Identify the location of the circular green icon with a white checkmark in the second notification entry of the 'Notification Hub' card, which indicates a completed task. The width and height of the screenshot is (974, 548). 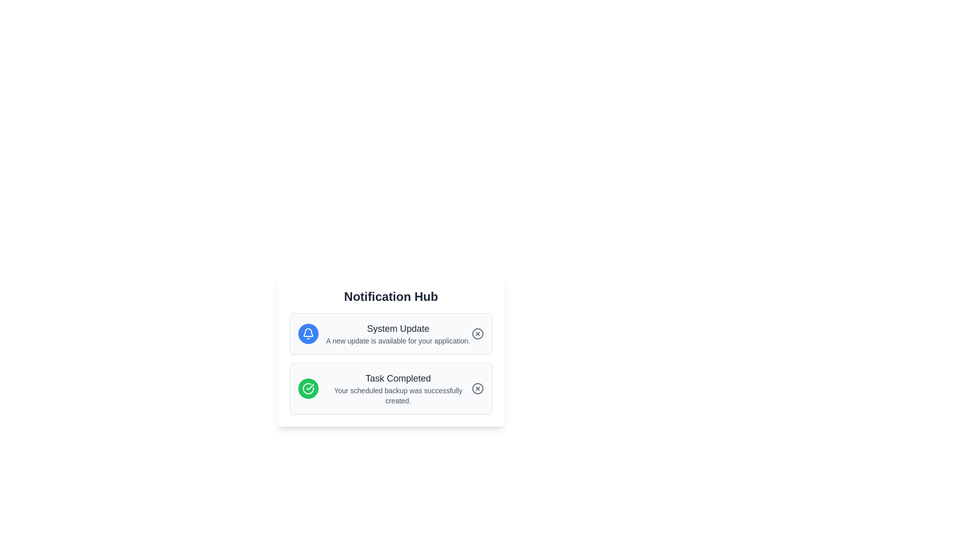
(308, 388).